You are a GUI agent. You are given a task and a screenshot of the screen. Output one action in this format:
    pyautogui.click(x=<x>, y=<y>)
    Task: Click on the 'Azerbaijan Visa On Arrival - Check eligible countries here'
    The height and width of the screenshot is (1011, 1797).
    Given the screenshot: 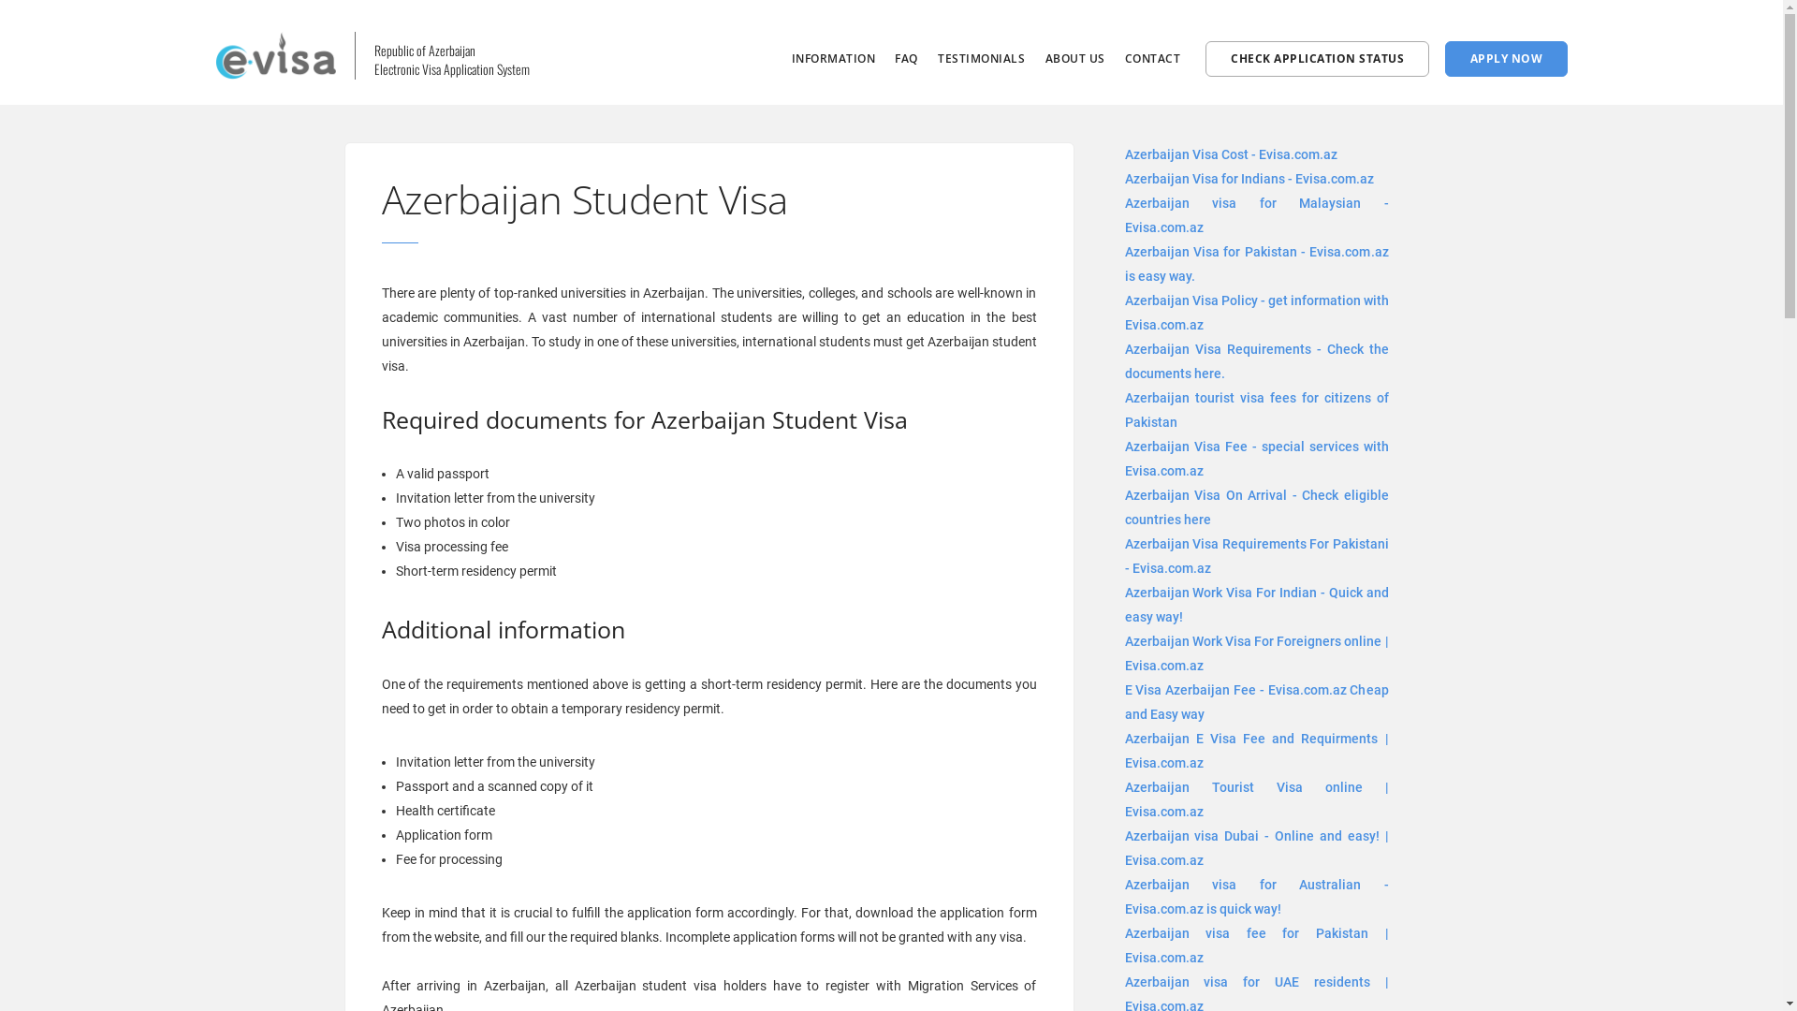 What is the action you would take?
    pyautogui.click(x=1257, y=507)
    